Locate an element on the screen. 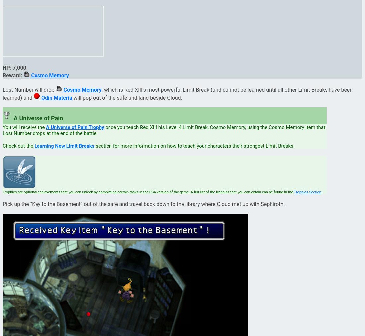 The height and width of the screenshot is (336, 365). 'HP: 7,000' is located at coordinates (14, 67).